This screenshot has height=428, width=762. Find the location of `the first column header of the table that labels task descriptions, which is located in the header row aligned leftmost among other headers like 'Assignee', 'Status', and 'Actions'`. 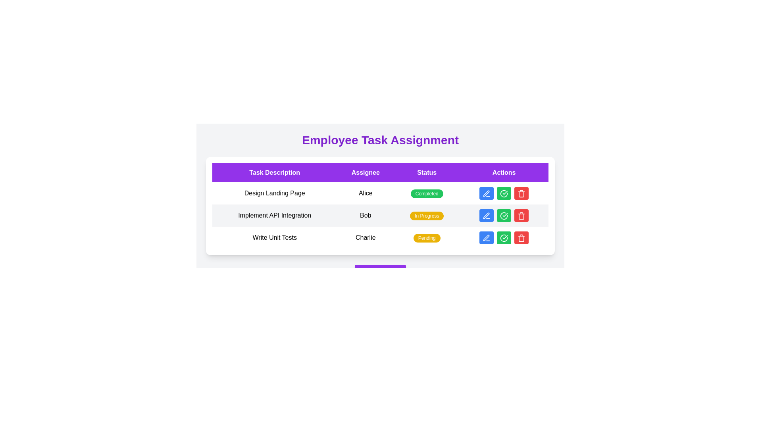

the first column header of the table that labels task descriptions, which is located in the header row aligned leftmost among other headers like 'Assignee', 'Status', and 'Actions' is located at coordinates (275, 172).